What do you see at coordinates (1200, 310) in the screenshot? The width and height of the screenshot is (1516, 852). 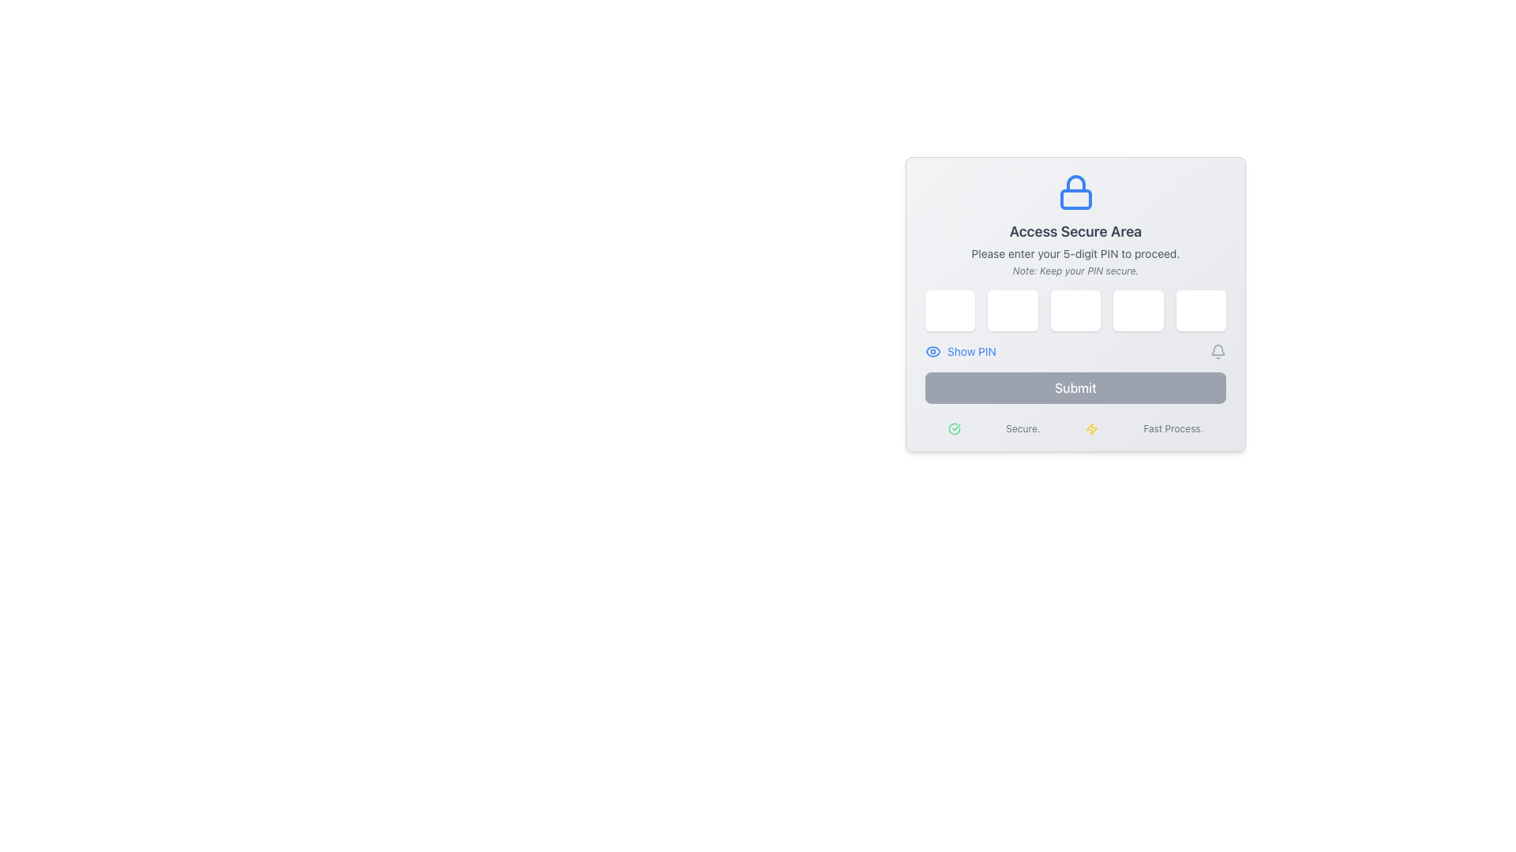 I see `the Password input field, which is the fifth input field in a row of five similar fields, to focus on it` at bounding box center [1200, 310].